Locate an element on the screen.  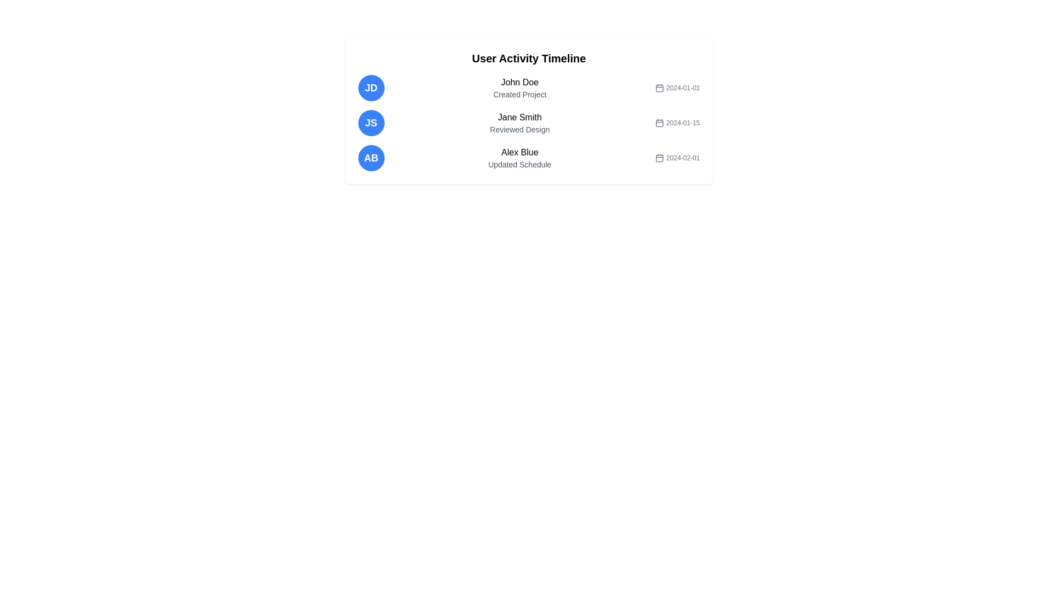
the calendar icon located immediately before the date '2024-01-15' in the second row of the timeline, which visually indicates the relevant date for the associated activity is located at coordinates (659, 123).